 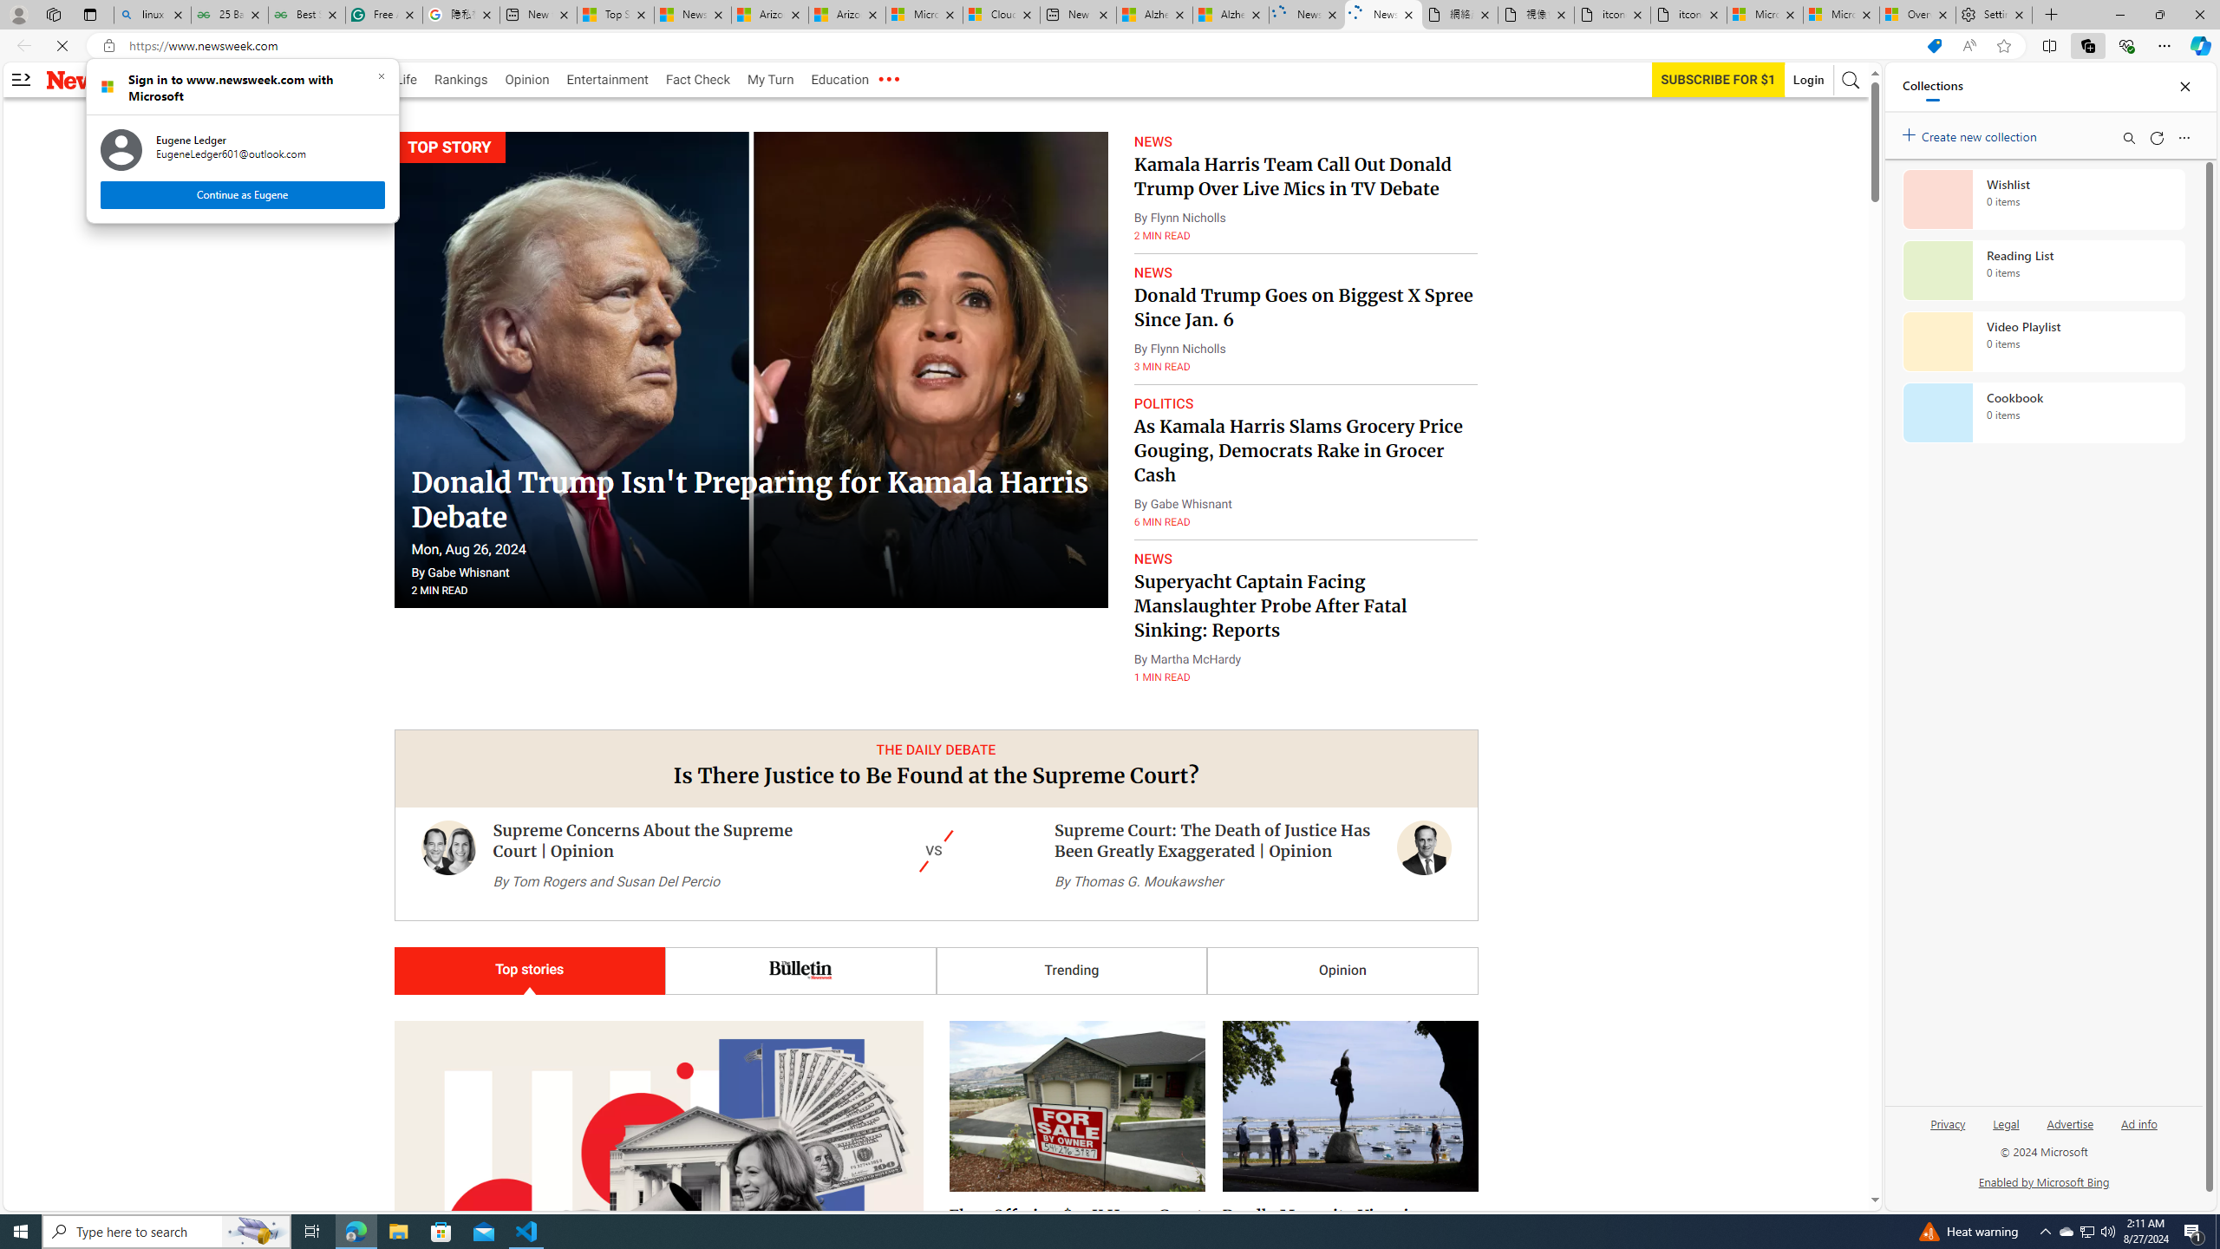 I want to click on 'Education', so click(x=838, y=79).